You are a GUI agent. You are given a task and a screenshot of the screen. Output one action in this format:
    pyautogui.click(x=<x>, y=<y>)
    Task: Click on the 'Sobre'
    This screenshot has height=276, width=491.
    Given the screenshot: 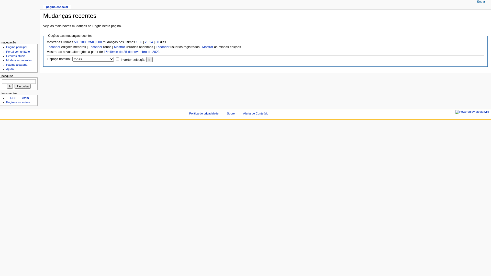 What is the action you would take?
    pyautogui.click(x=230, y=113)
    